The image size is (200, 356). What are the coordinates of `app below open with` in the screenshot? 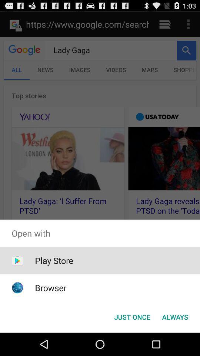 It's located at (175, 316).